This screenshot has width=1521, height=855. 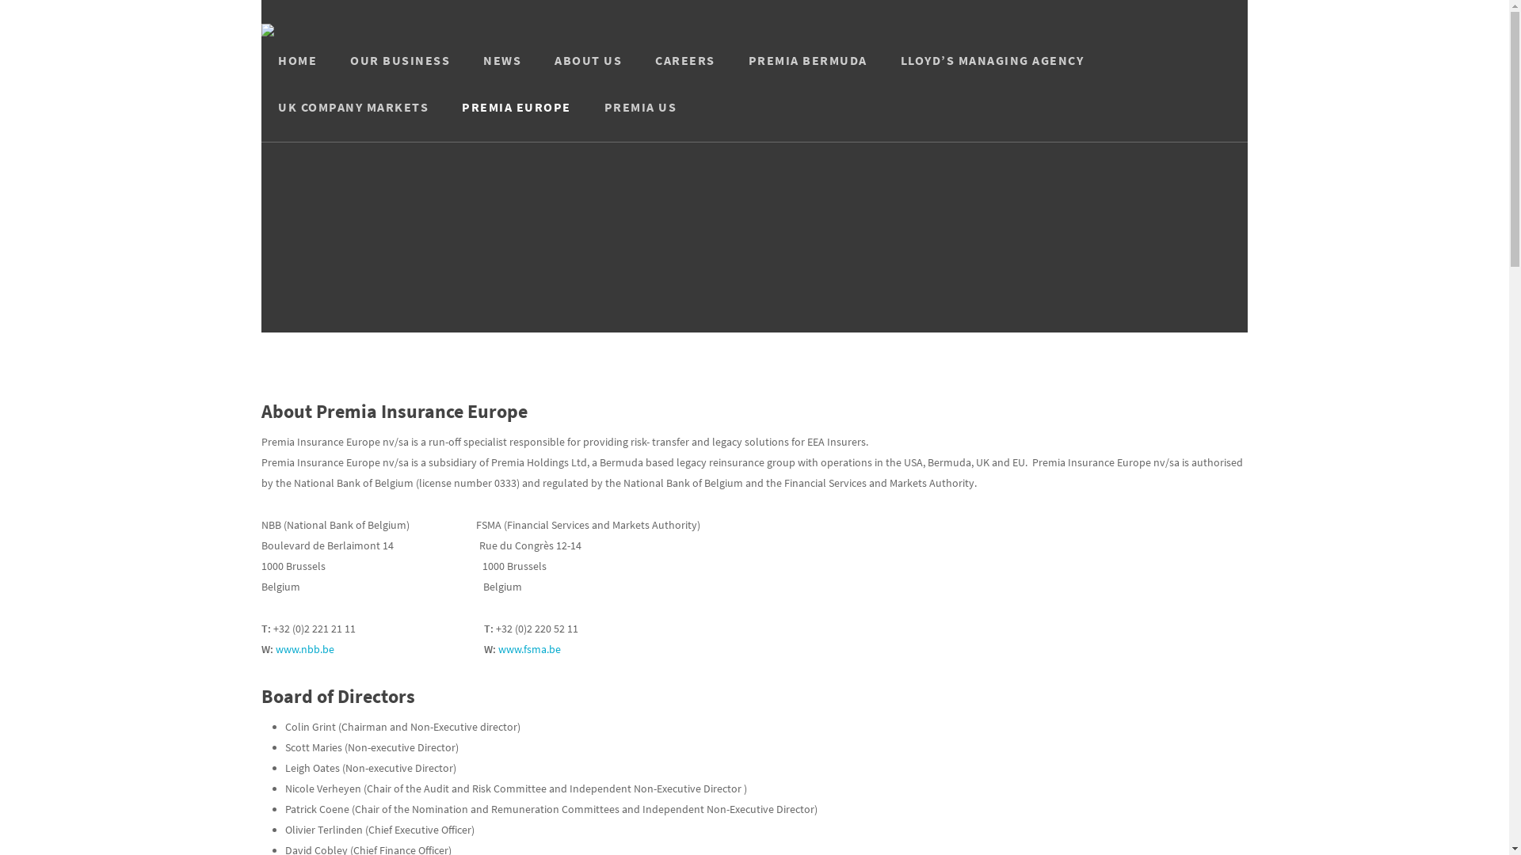 I want to click on 'NEWS', so click(x=501, y=72).